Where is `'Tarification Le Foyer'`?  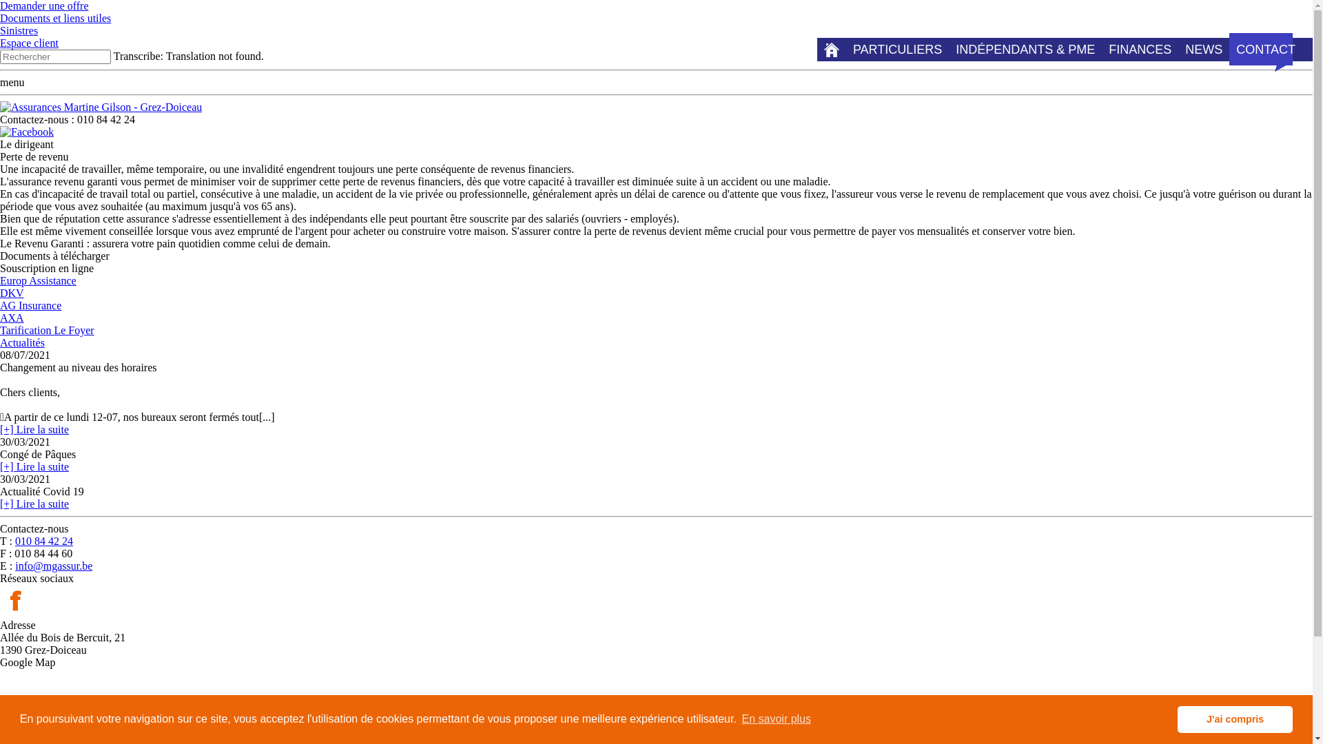
'Tarification Le Foyer' is located at coordinates (0, 330).